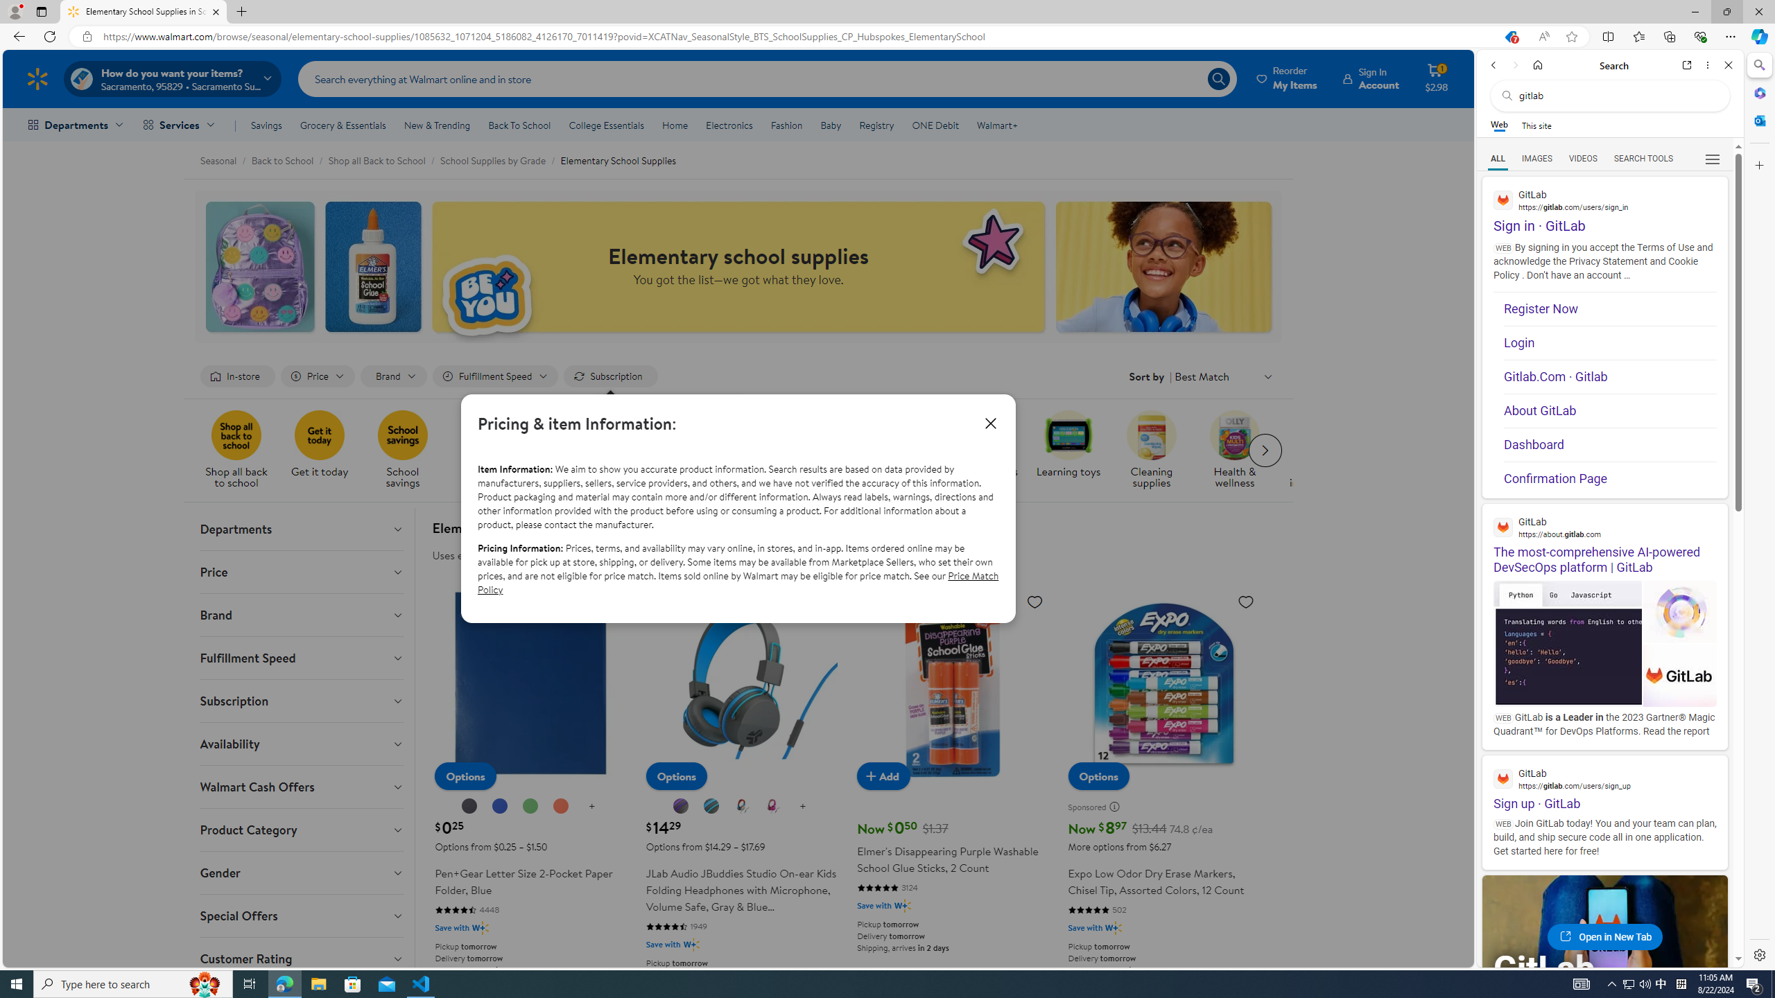 Image resolution: width=1775 pixels, height=998 pixels. Describe the element at coordinates (737, 581) in the screenshot. I see `'Price Match Policy'` at that location.